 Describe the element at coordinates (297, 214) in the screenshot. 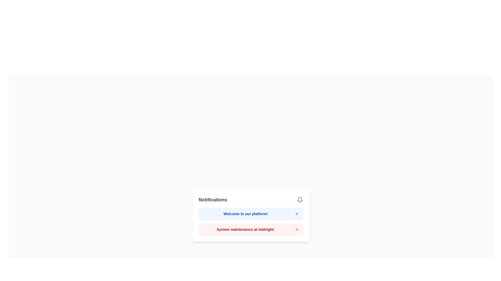

I see `the close button located at the right end of the notification box header` at that location.